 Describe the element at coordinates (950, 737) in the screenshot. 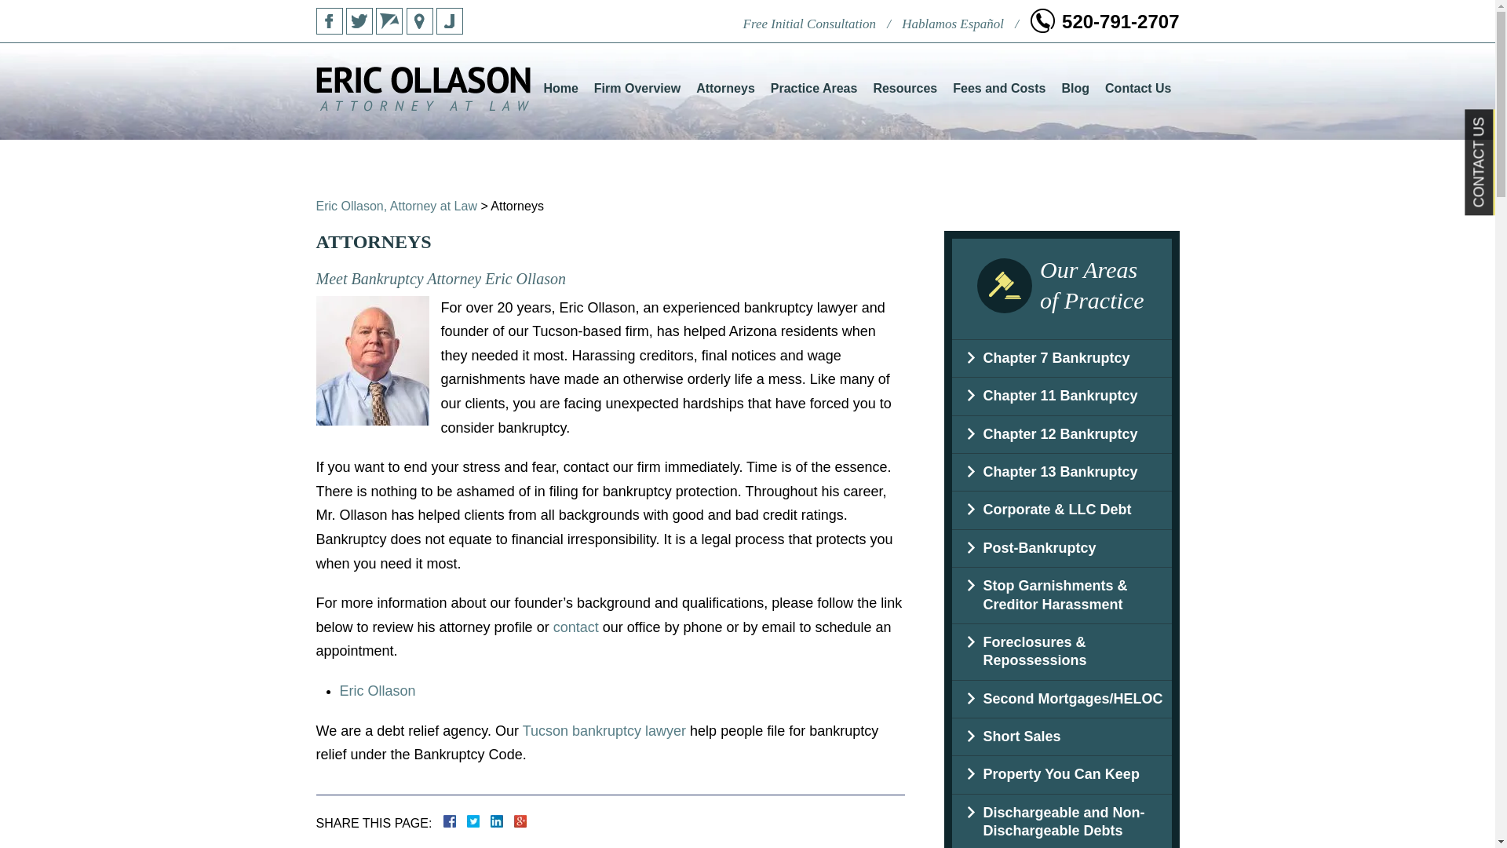

I see `'Short Sales'` at that location.